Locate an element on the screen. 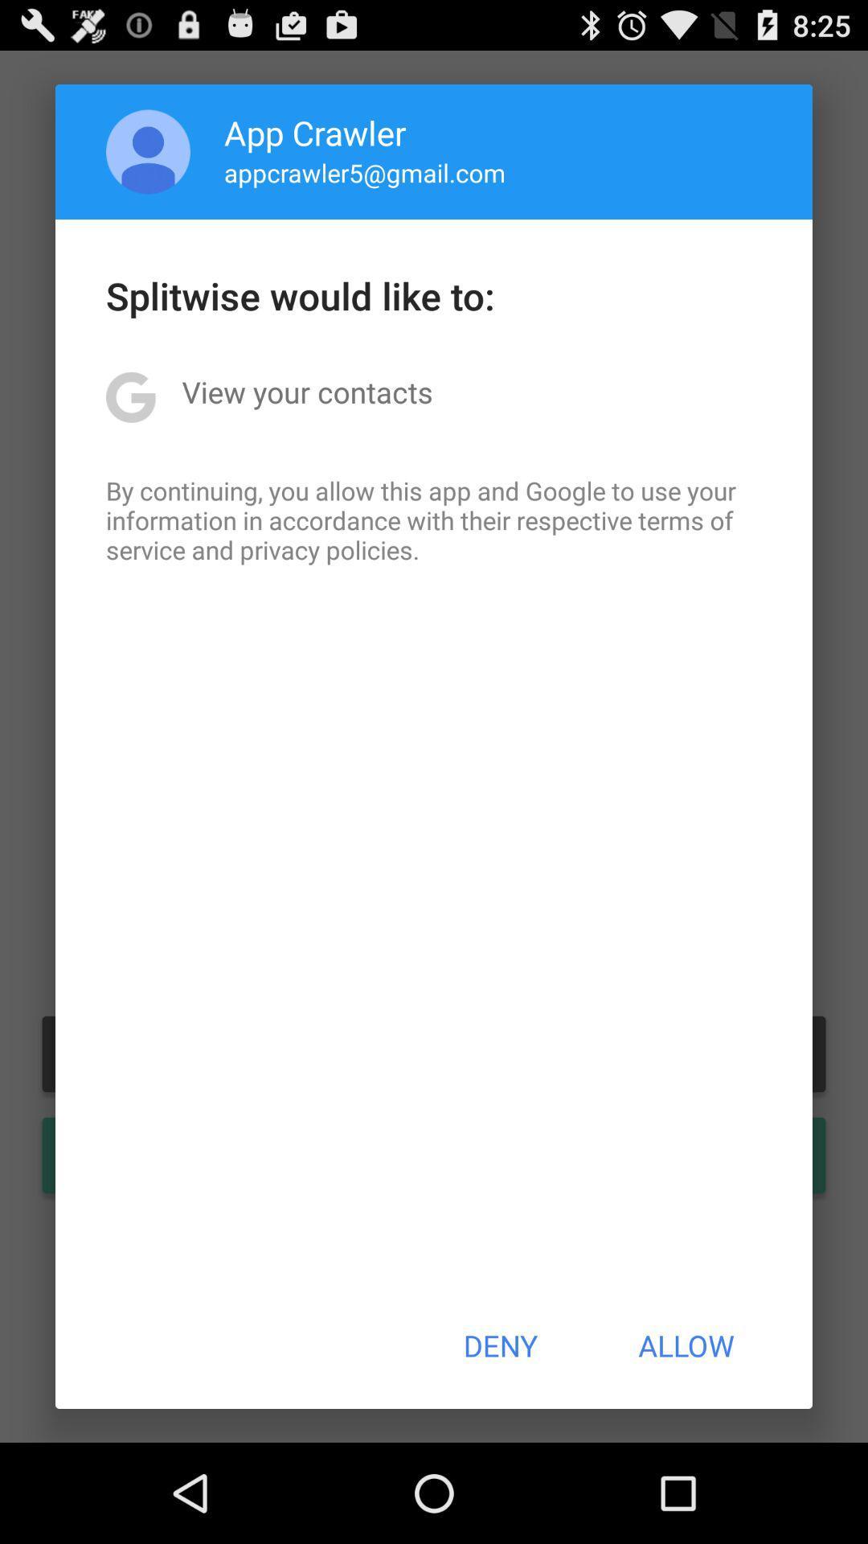 This screenshot has width=868, height=1544. app above splitwise would like is located at coordinates (365, 172).